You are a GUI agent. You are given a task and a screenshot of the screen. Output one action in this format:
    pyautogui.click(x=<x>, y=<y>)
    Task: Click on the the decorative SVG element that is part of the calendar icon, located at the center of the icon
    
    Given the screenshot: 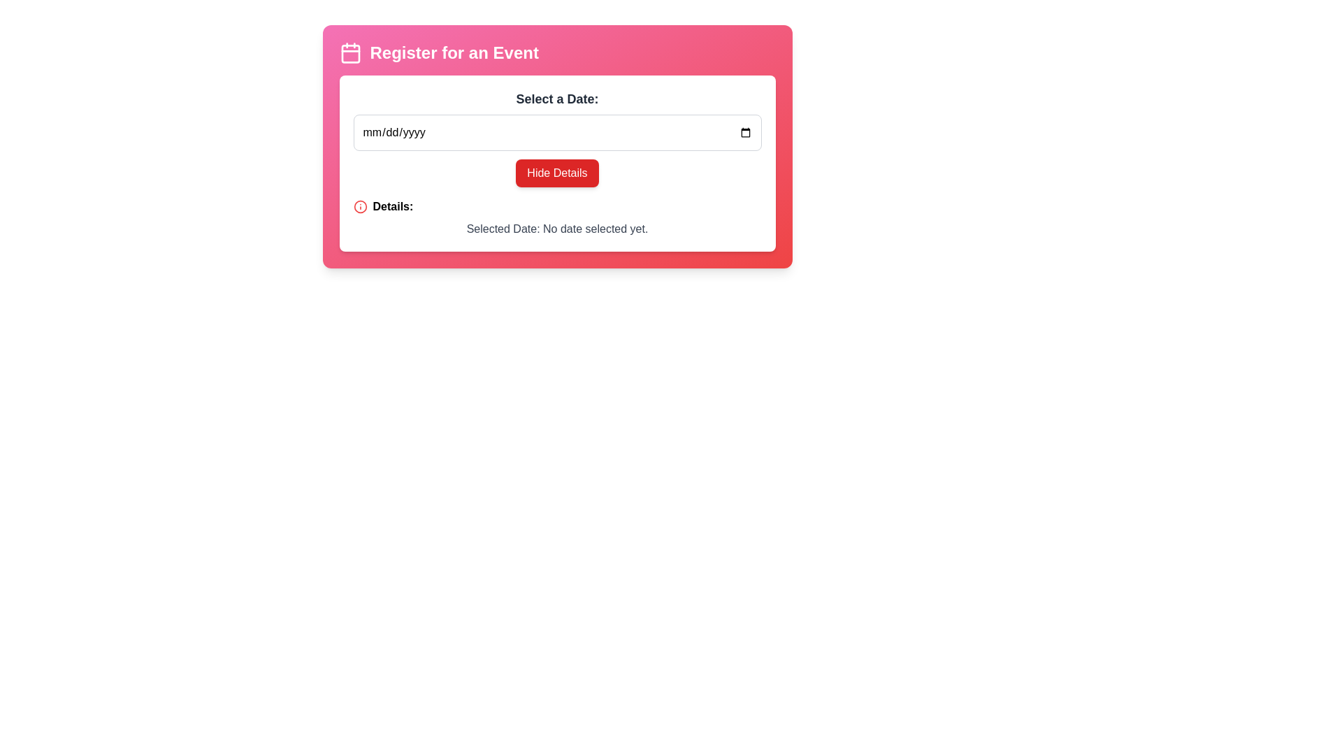 What is the action you would take?
    pyautogui.click(x=350, y=53)
    